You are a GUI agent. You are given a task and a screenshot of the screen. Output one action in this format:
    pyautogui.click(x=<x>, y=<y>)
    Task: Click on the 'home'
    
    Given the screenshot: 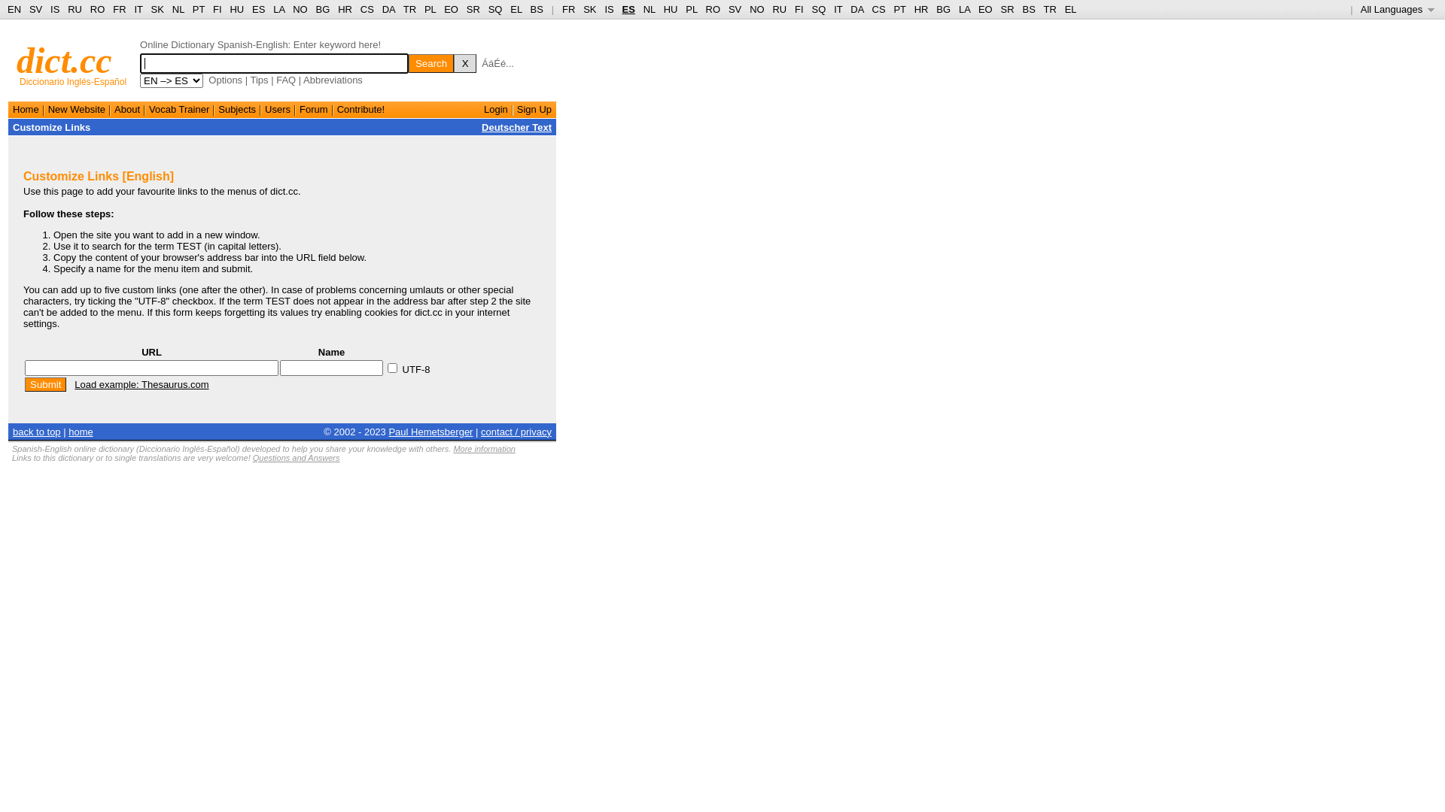 What is the action you would take?
    pyautogui.click(x=80, y=431)
    